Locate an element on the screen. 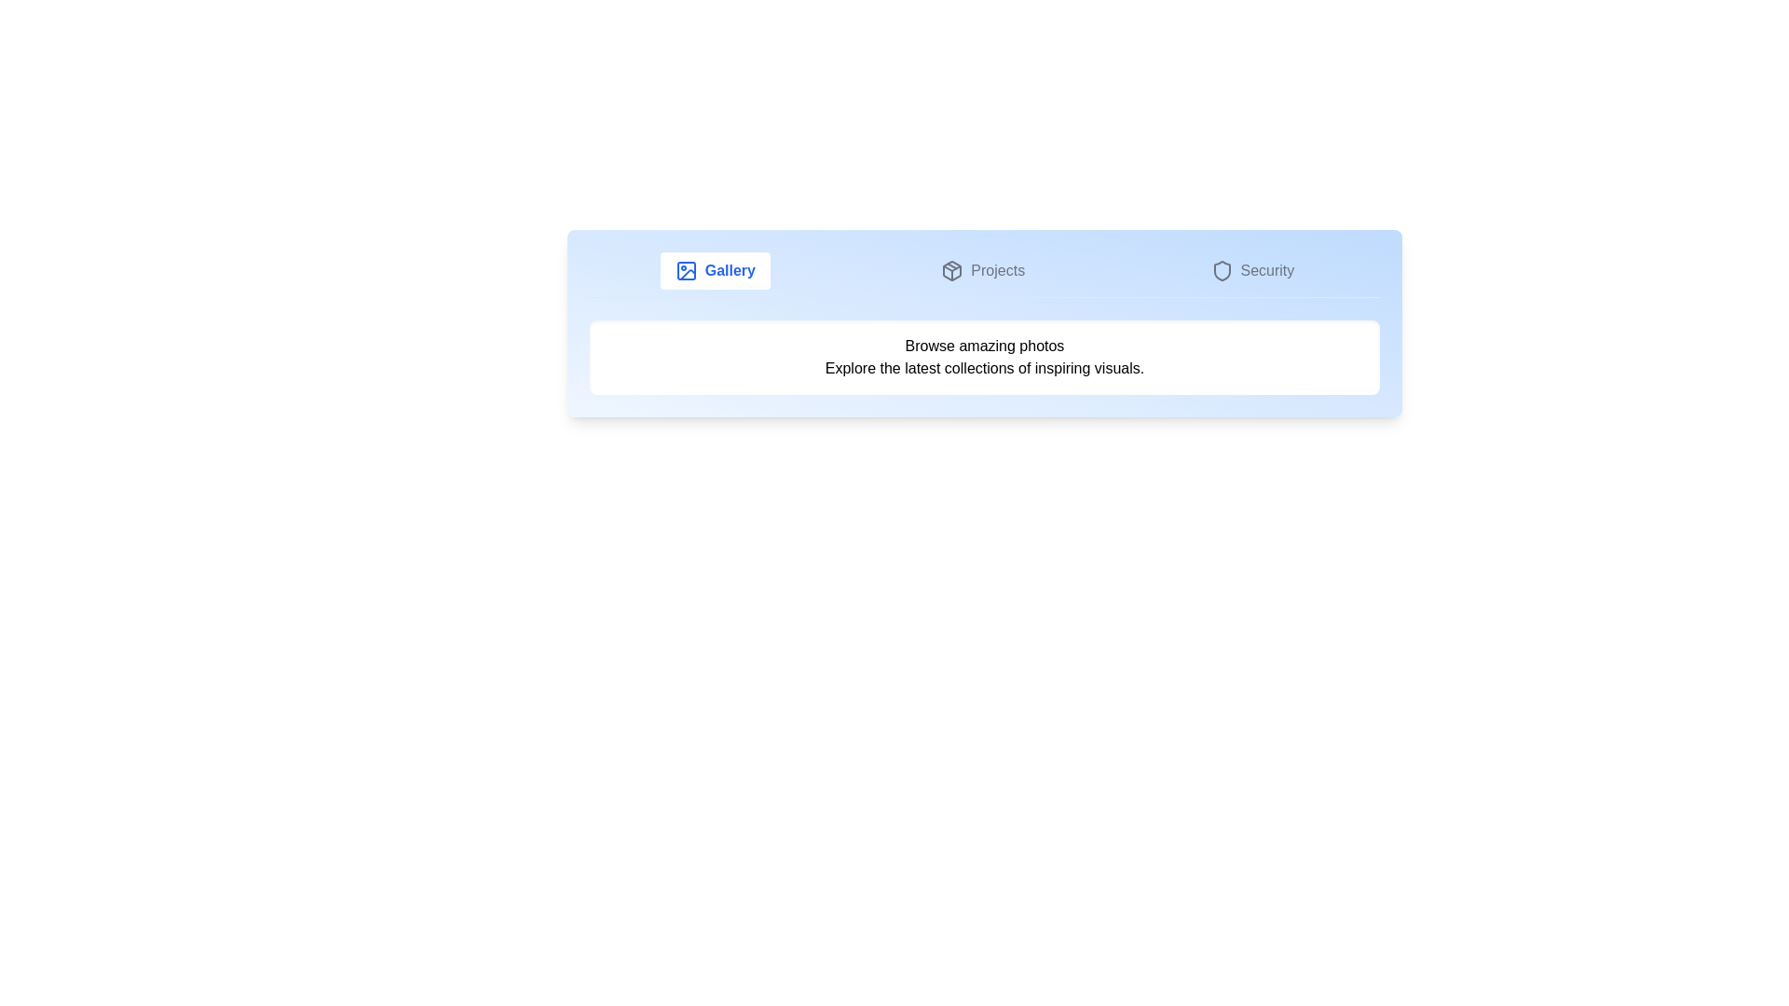 The height and width of the screenshot is (1006, 1789). the icon associated with the Gallery tab is located at coordinates (685, 270).